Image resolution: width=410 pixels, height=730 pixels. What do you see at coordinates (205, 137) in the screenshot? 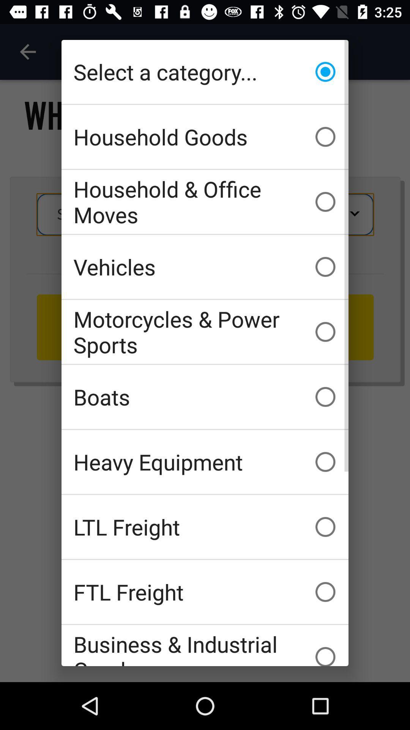
I see `the household goods icon` at bounding box center [205, 137].